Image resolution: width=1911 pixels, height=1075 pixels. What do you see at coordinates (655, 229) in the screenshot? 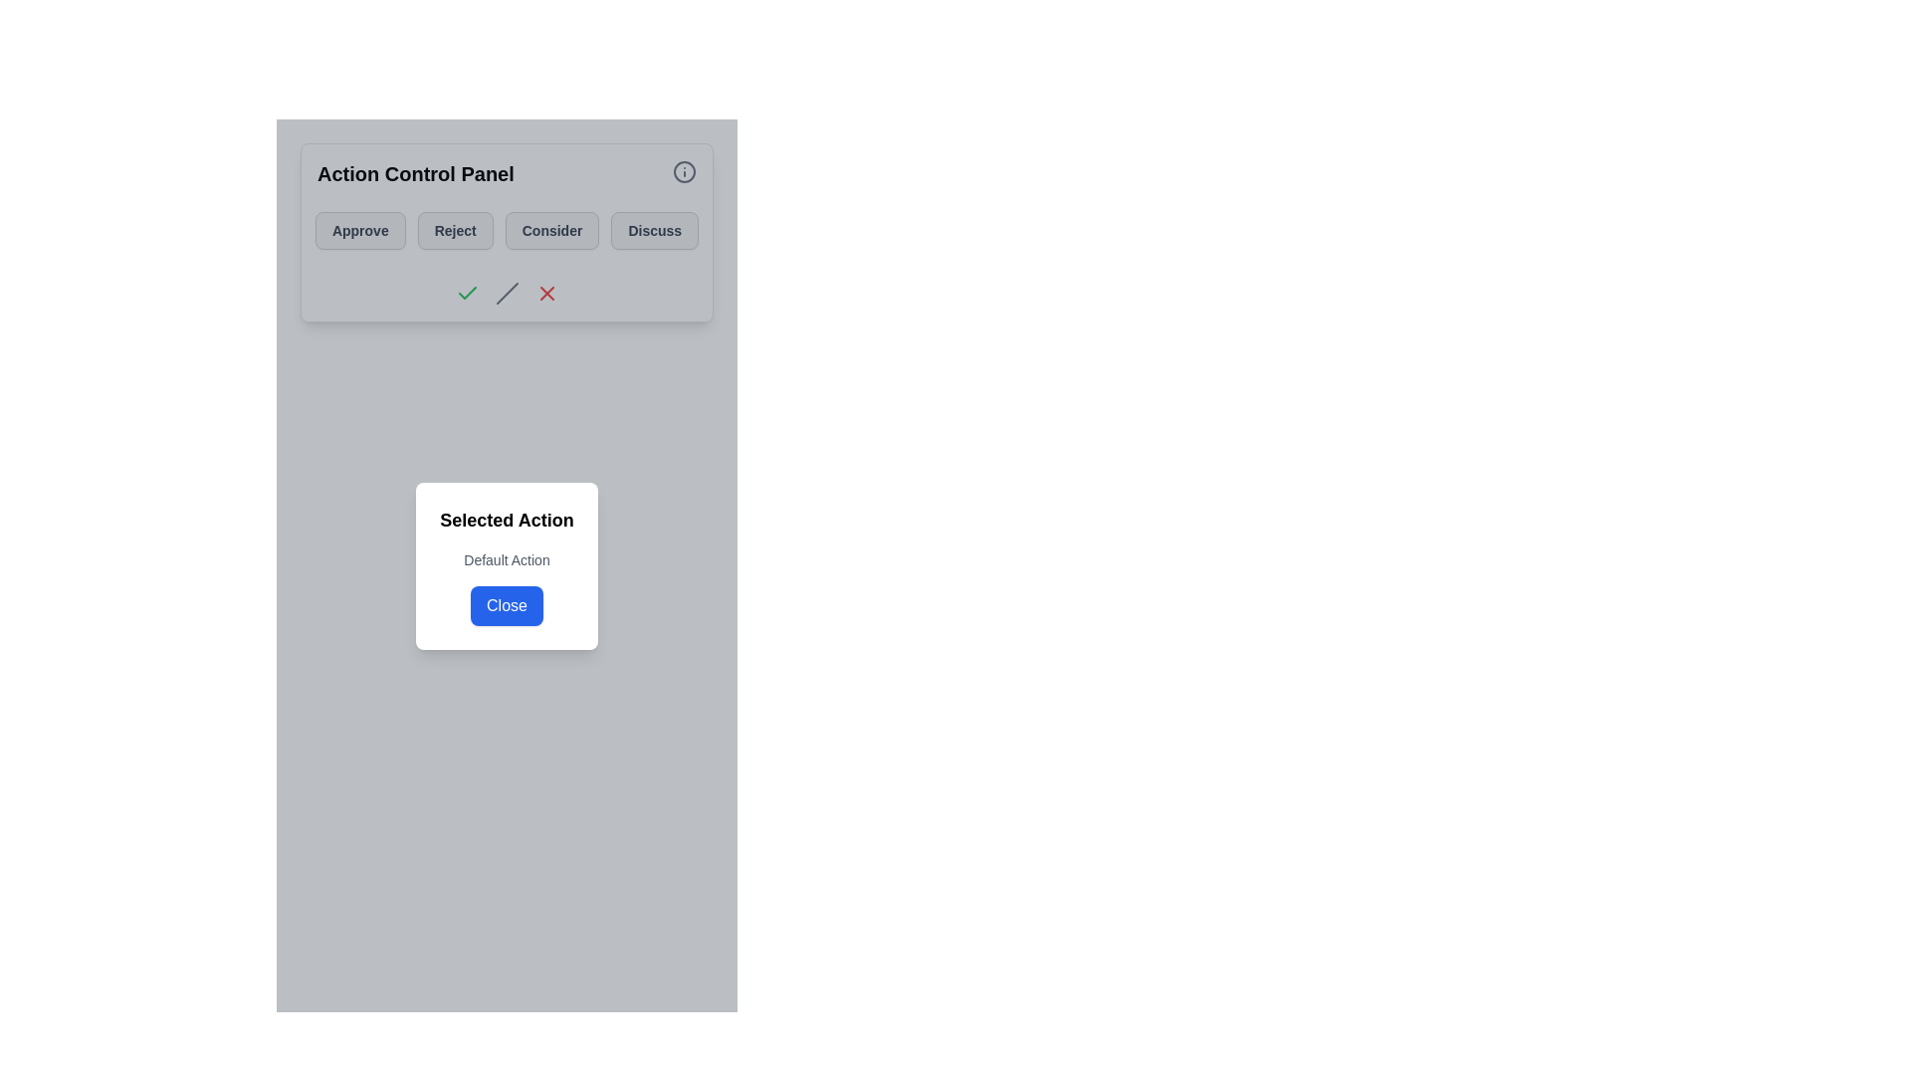
I see `the 'Discuss' button, which is the fourth button from the left in the Action Control Panel` at bounding box center [655, 229].